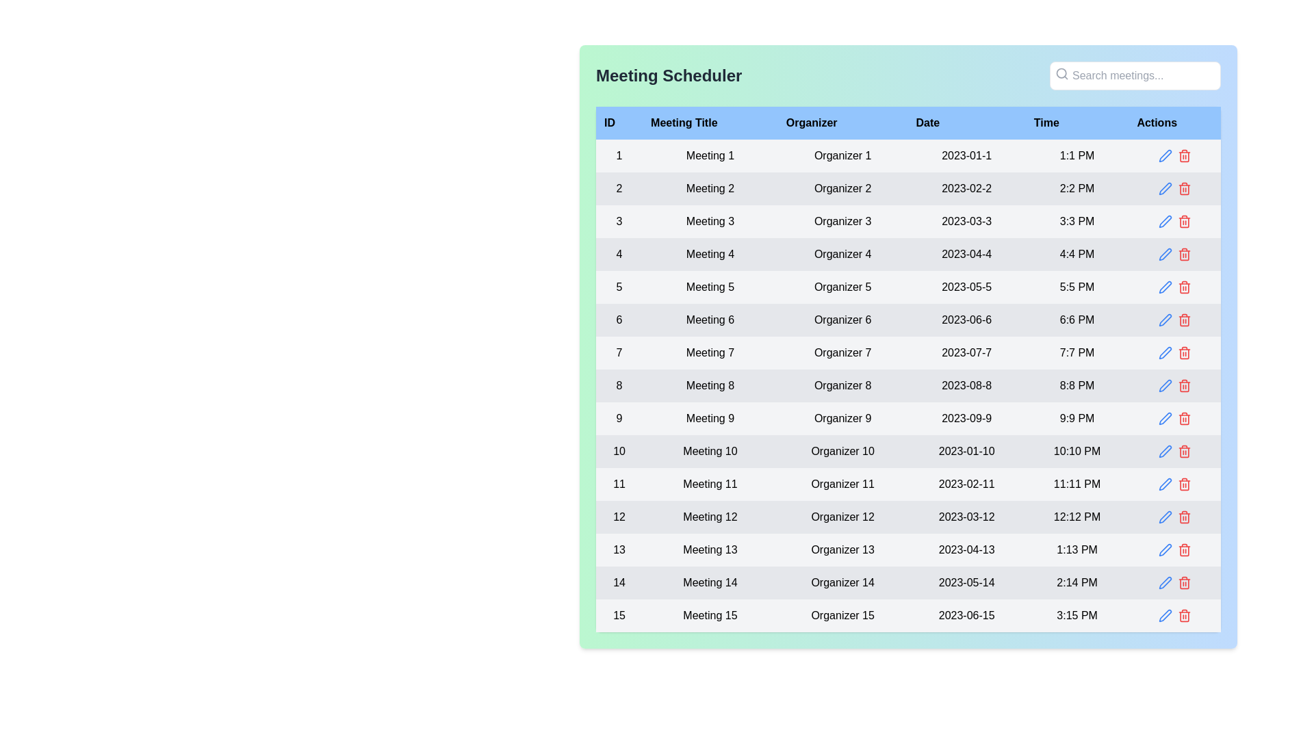 Image resolution: width=1314 pixels, height=739 pixels. I want to click on textual content of the 4th row in the meeting scheduler table, which includes details like identifier, title, organizer, date, and time, so click(908, 254).